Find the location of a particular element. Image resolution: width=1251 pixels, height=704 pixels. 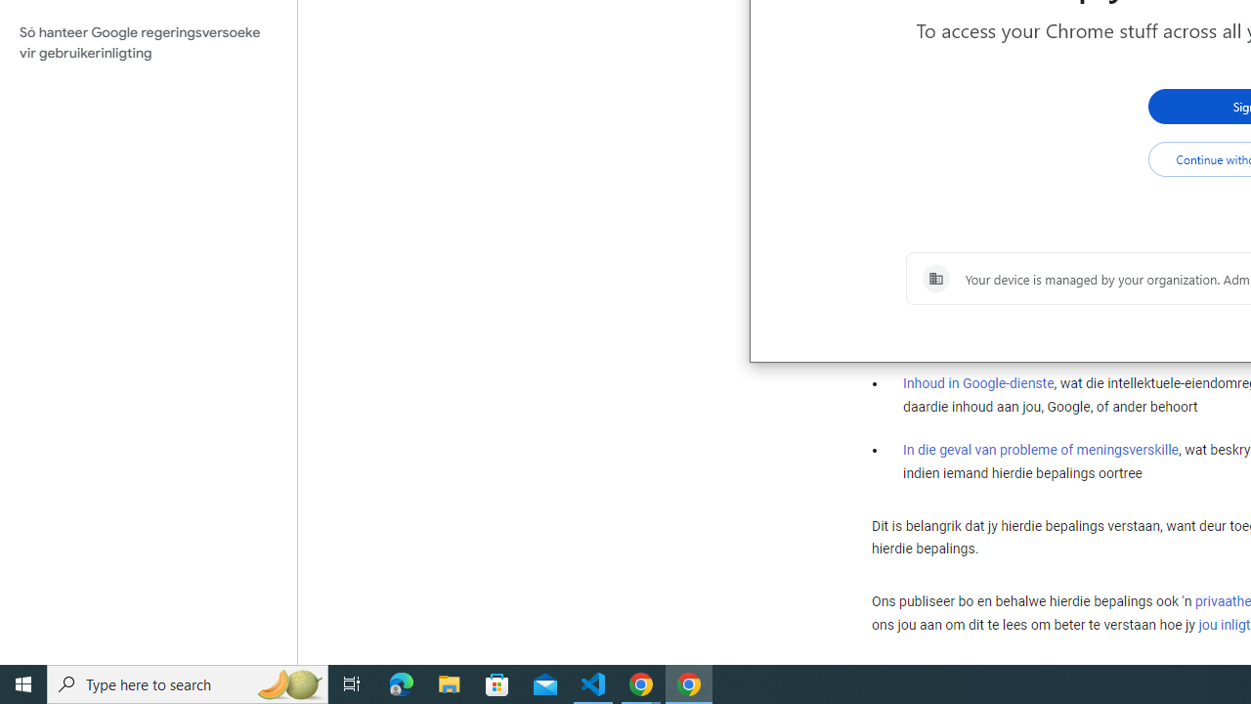

'Type here to search' is located at coordinates (188, 682).